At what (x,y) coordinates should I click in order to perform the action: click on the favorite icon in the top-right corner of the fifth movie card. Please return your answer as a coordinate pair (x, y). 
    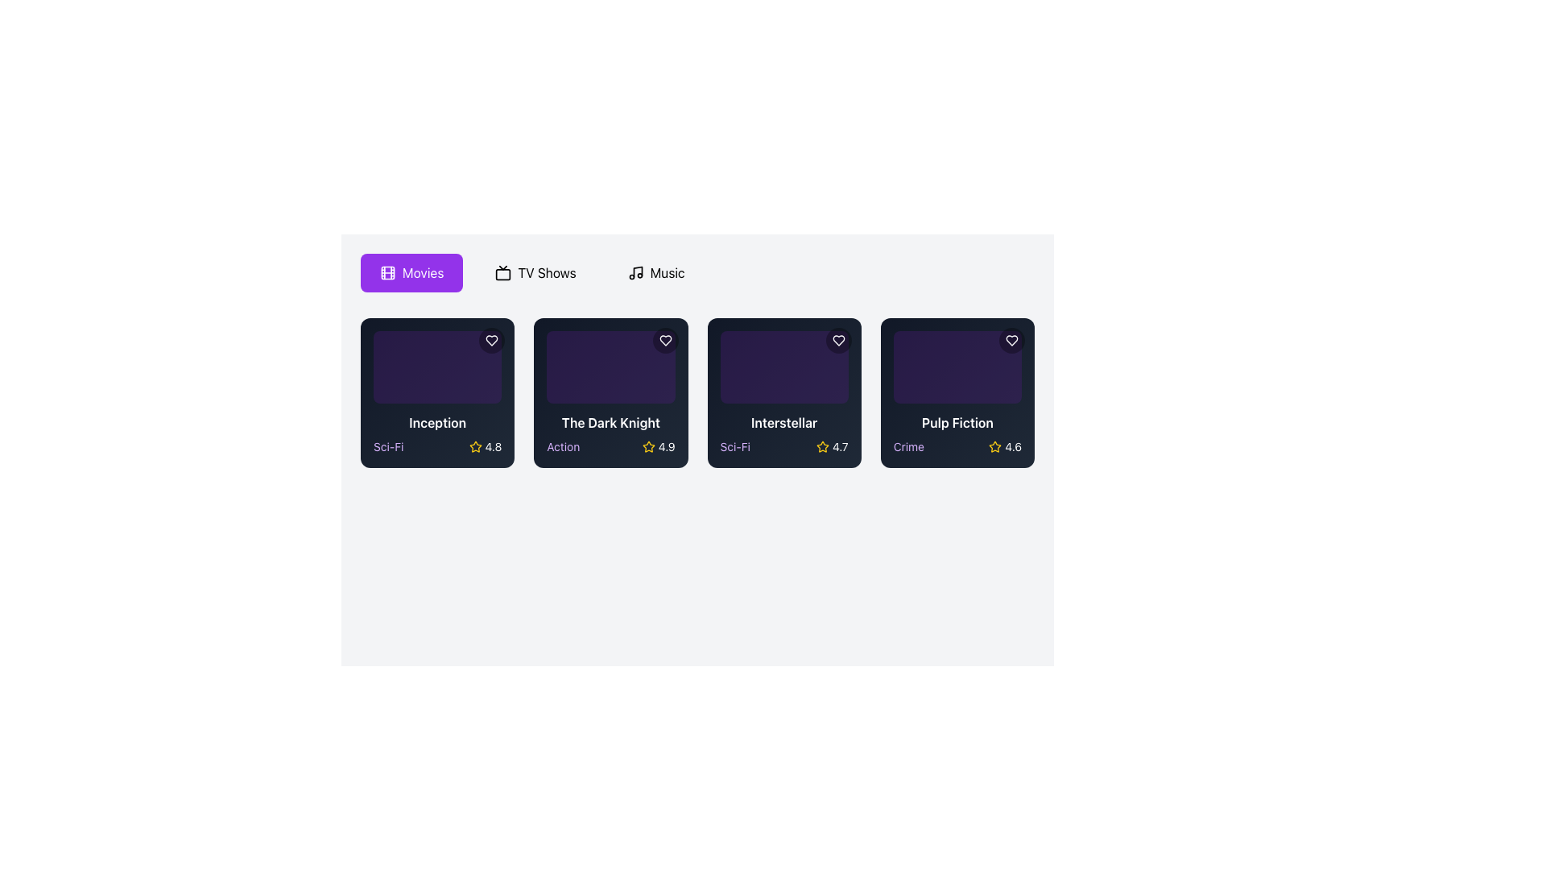
    Looking at the image, I should click on (1011, 340).